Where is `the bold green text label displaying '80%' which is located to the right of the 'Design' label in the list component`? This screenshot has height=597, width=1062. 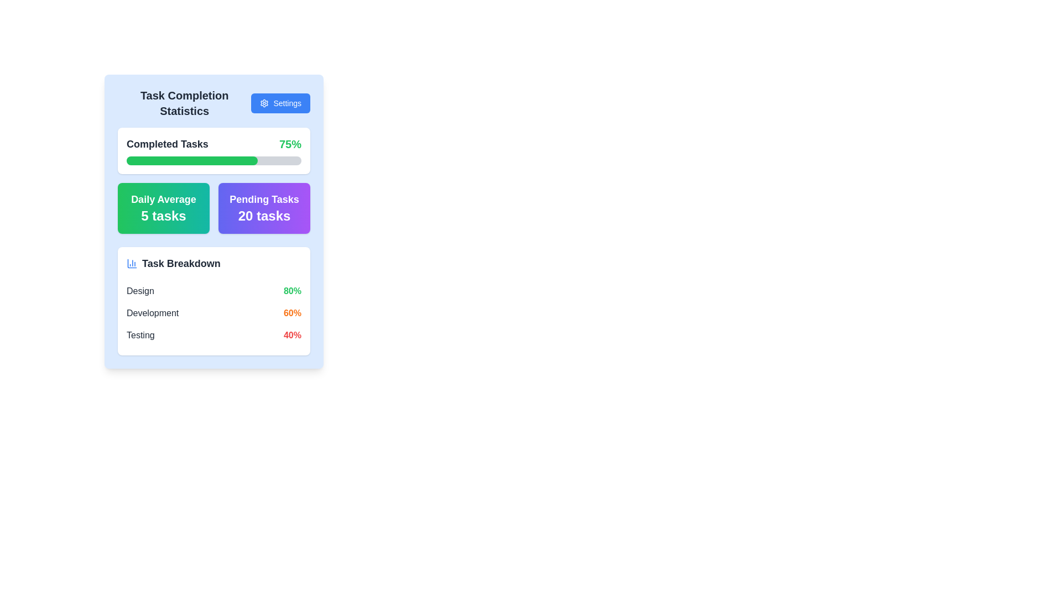
the bold green text label displaying '80%' which is located to the right of the 'Design' label in the list component is located at coordinates (292, 291).